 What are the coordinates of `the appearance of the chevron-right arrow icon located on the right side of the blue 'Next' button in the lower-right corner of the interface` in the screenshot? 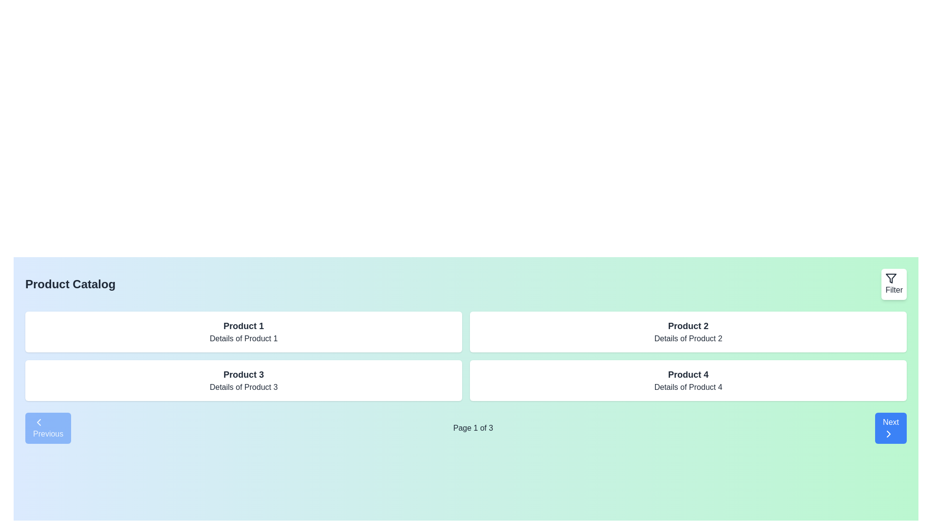 It's located at (889, 434).